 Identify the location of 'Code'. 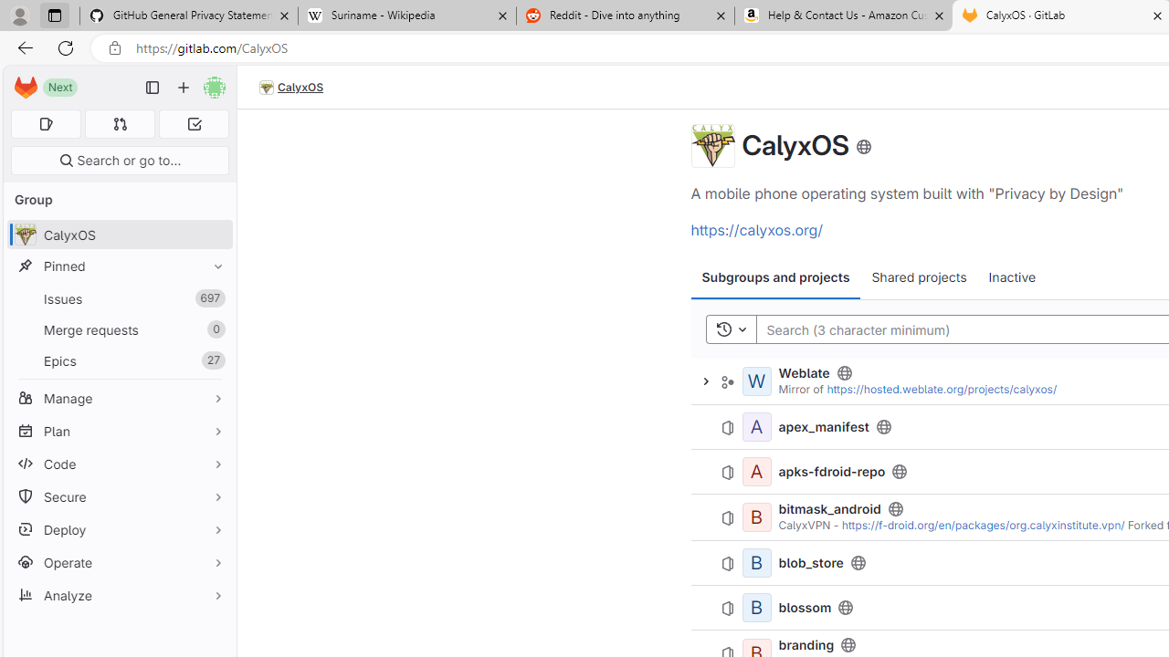
(119, 463).